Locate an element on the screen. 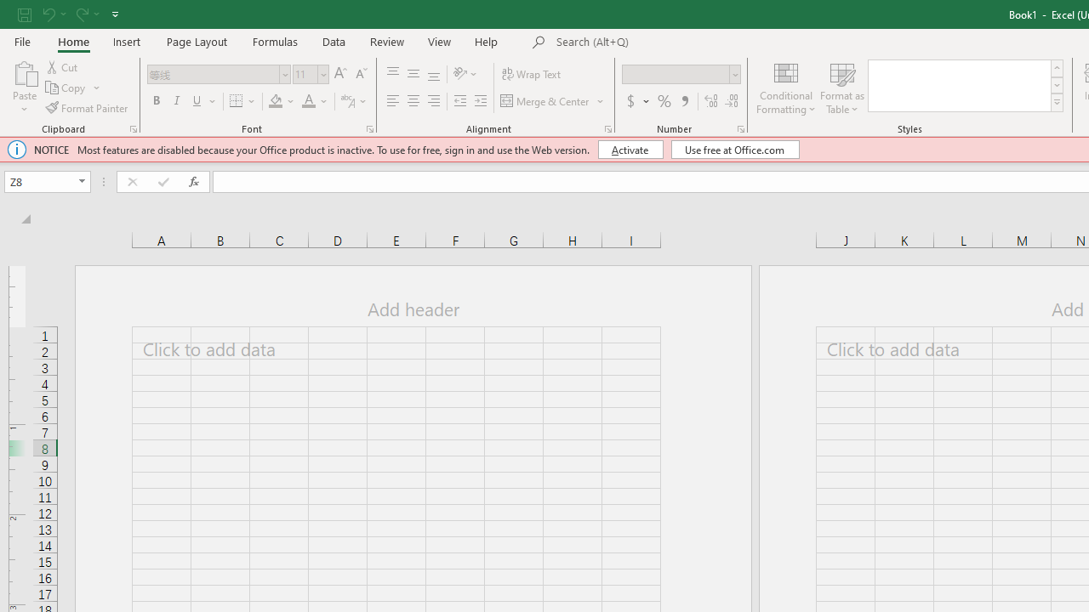 This screenshot has width=1089, height=612. 'Bottom Align' is located at coordinates (434, 73).